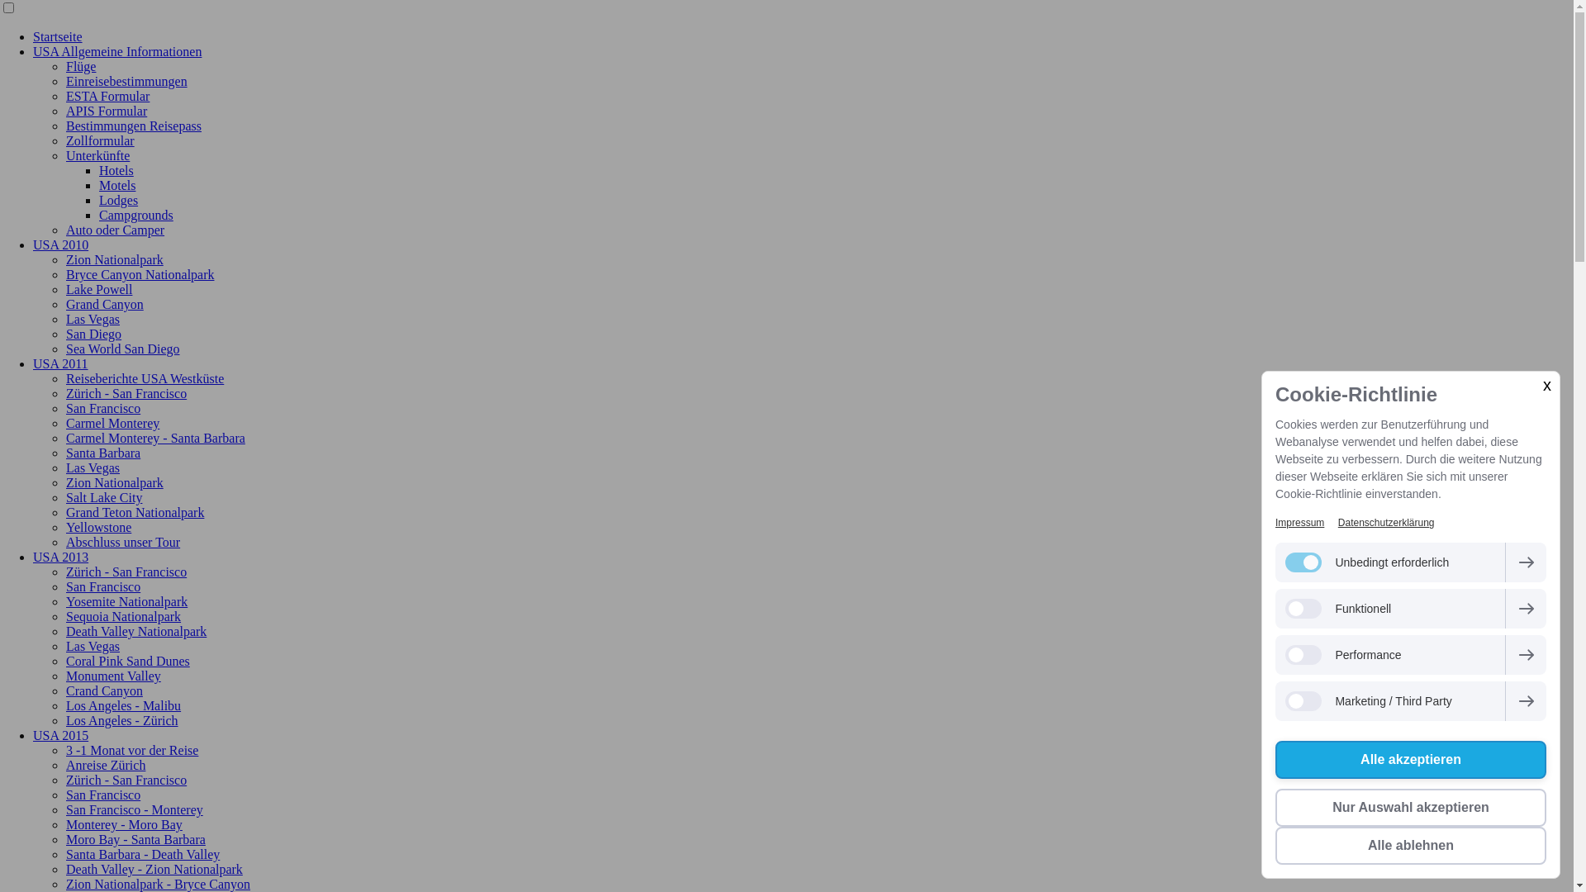 The width and height of the screenshot is (1586, 892). What do you see at coordinates (66, 750) in the screenshot?
I see `'3 -1 Monat vor der Reise'` at bounding box center [66, 750].